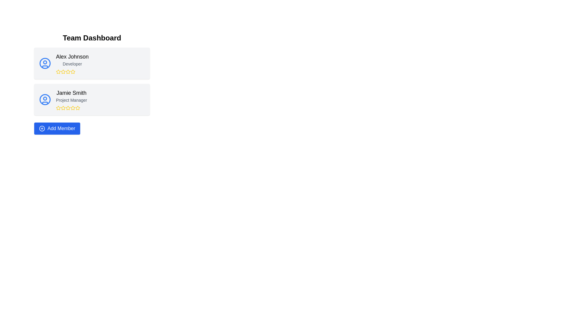  I want to click on the fourth star icon in the rating system under the 'Jamie Smith' profile section in the 'Team Dashboard' view, so click(77, 107).